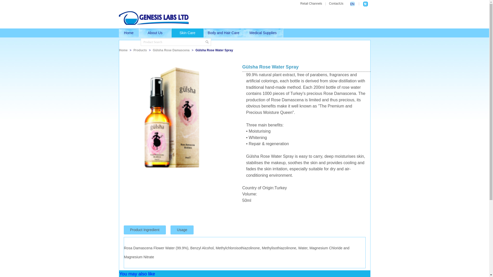 This screenshot has height=277, width=493. Describe the element at coordinates (336, 4) in the screenshot. I see `'ContactUs'` at that location.